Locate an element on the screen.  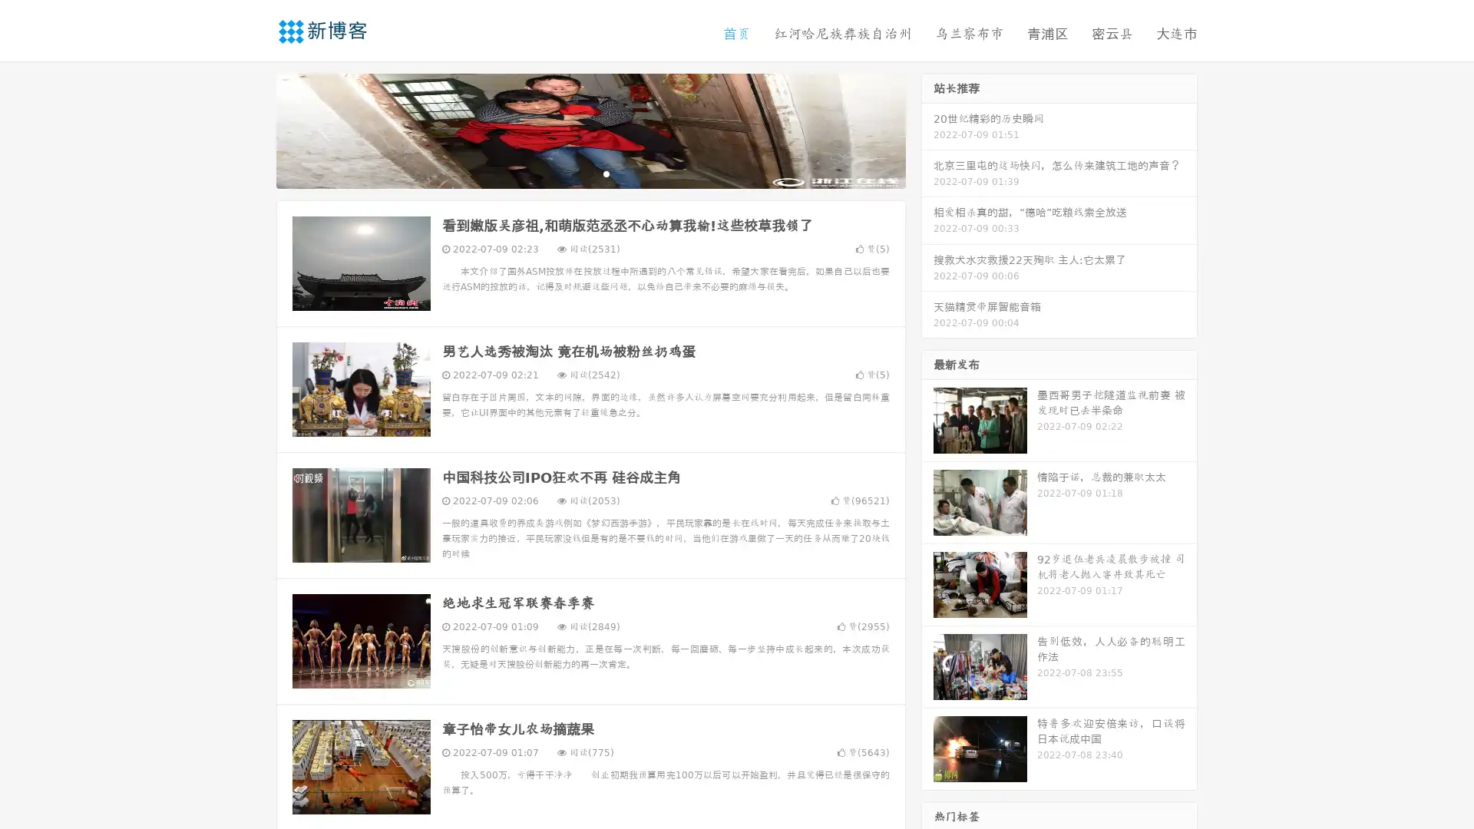
Go to slide 3 is located at coordinates (606, 173).